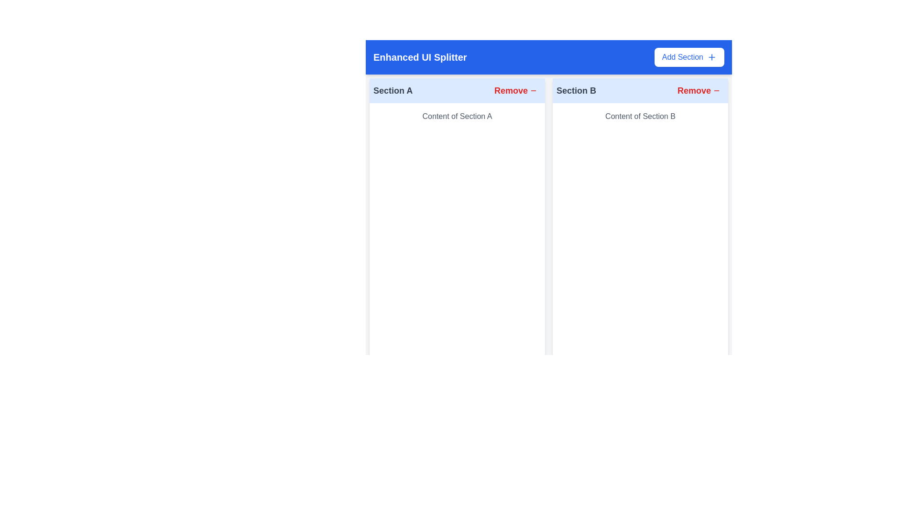 The image size is (918, 516). What do you see at coordinates (699, 90) in the screenshot?
I see `the delete button located in the upper-right corner of Section B to trigger hover effects` at bounding box center [699, 90].